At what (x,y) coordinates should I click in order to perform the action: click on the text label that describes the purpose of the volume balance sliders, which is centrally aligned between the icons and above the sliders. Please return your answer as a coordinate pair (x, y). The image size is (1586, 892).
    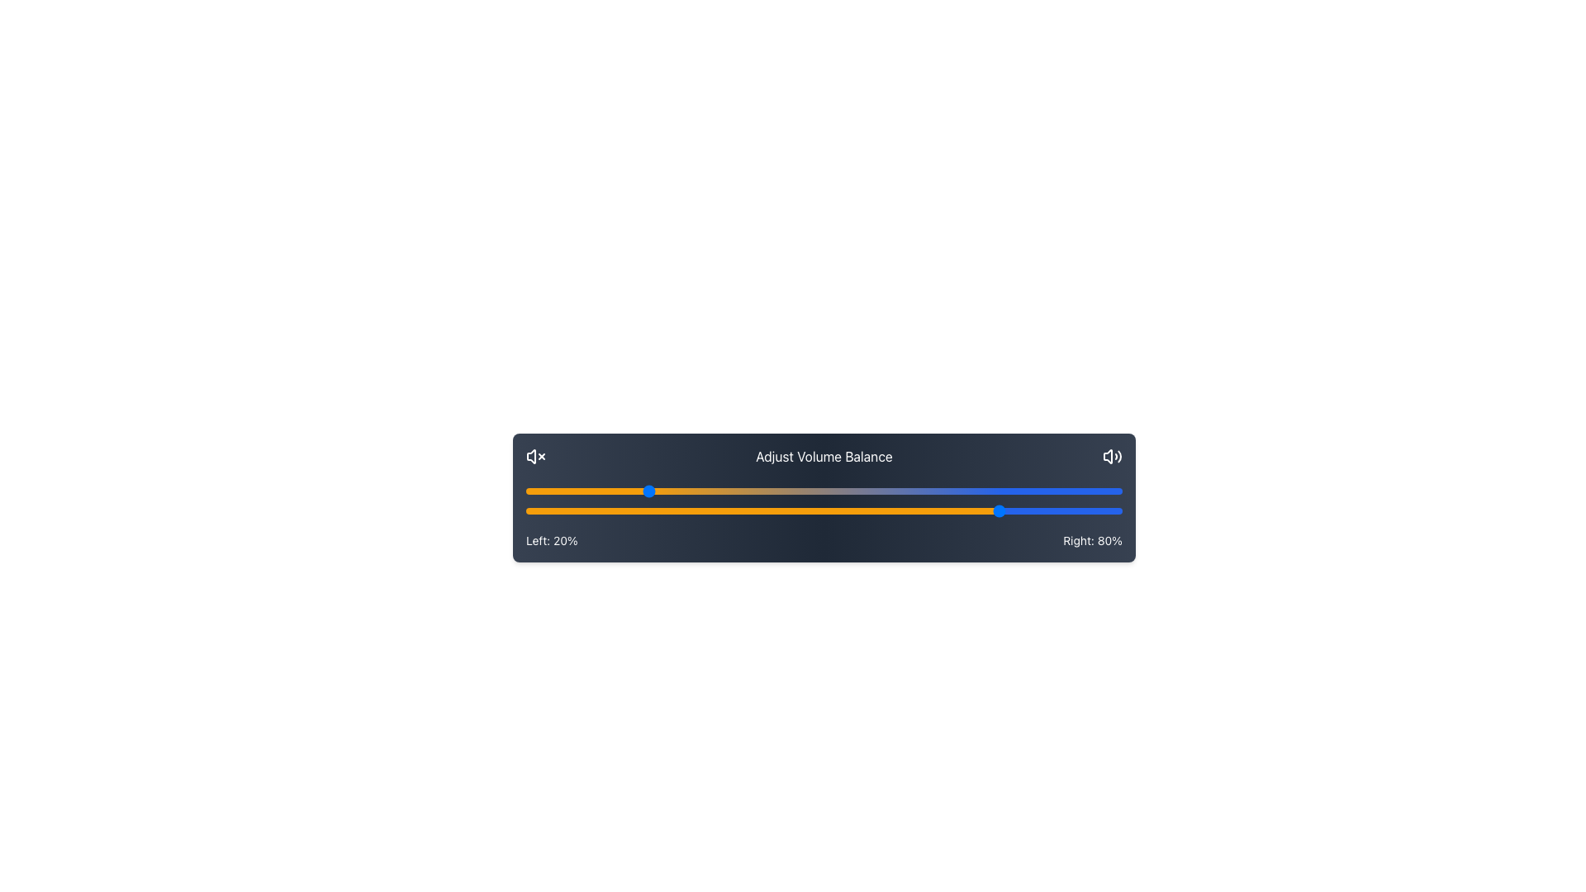
    Looking at the image, I should click on (824, 456).